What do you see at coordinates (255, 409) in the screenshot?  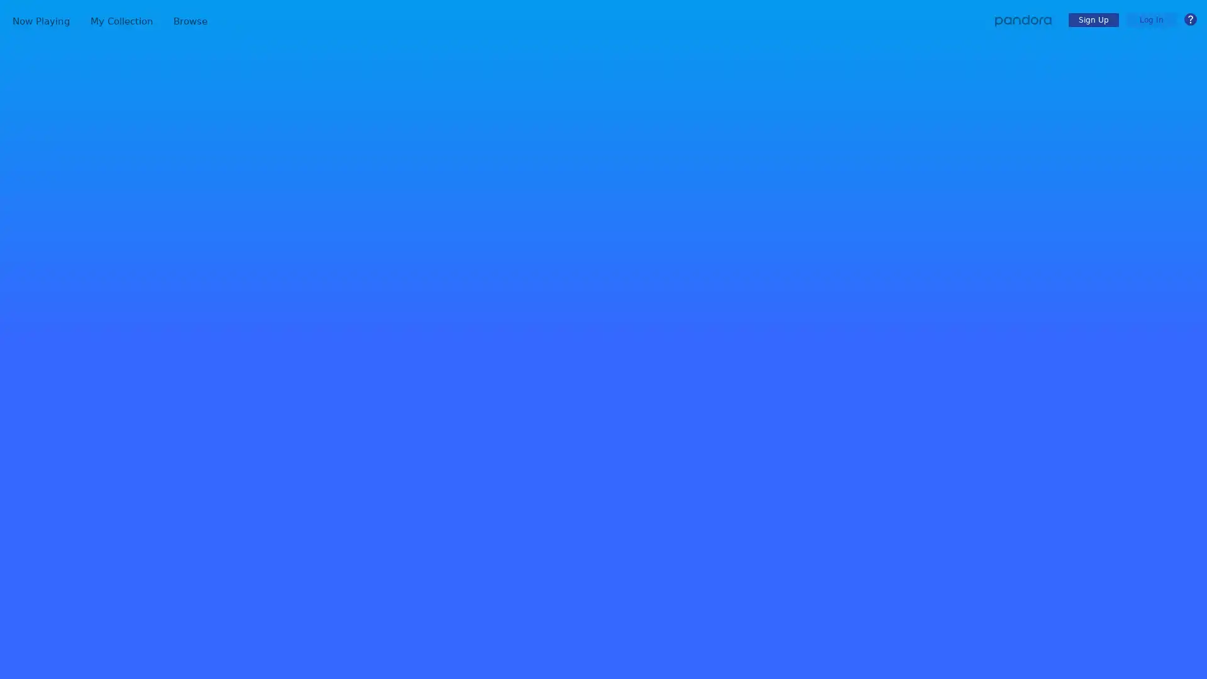 I see `Collect` at bounding box center [255, 409].